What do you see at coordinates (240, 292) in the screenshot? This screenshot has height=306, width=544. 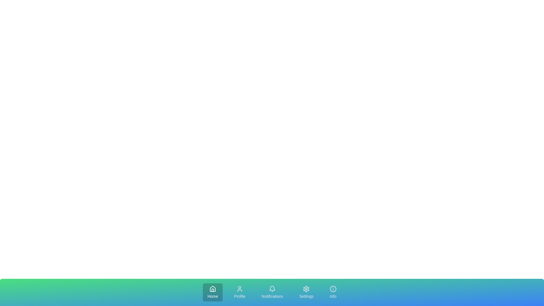 I see `the Profile tab in the bottom navigation bar` at bounding box center [240, 292].